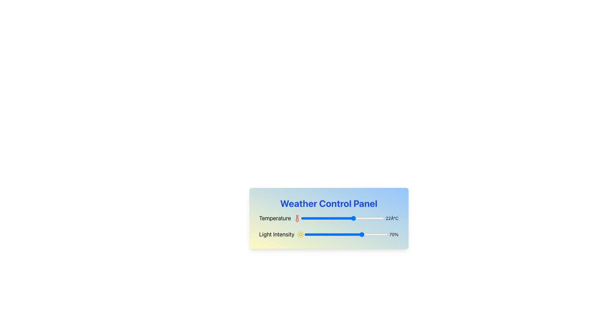  What do you see at coordinates (306, 218) in the screenshot?
I see `the temperature slider` at bounding box center [306, 218].